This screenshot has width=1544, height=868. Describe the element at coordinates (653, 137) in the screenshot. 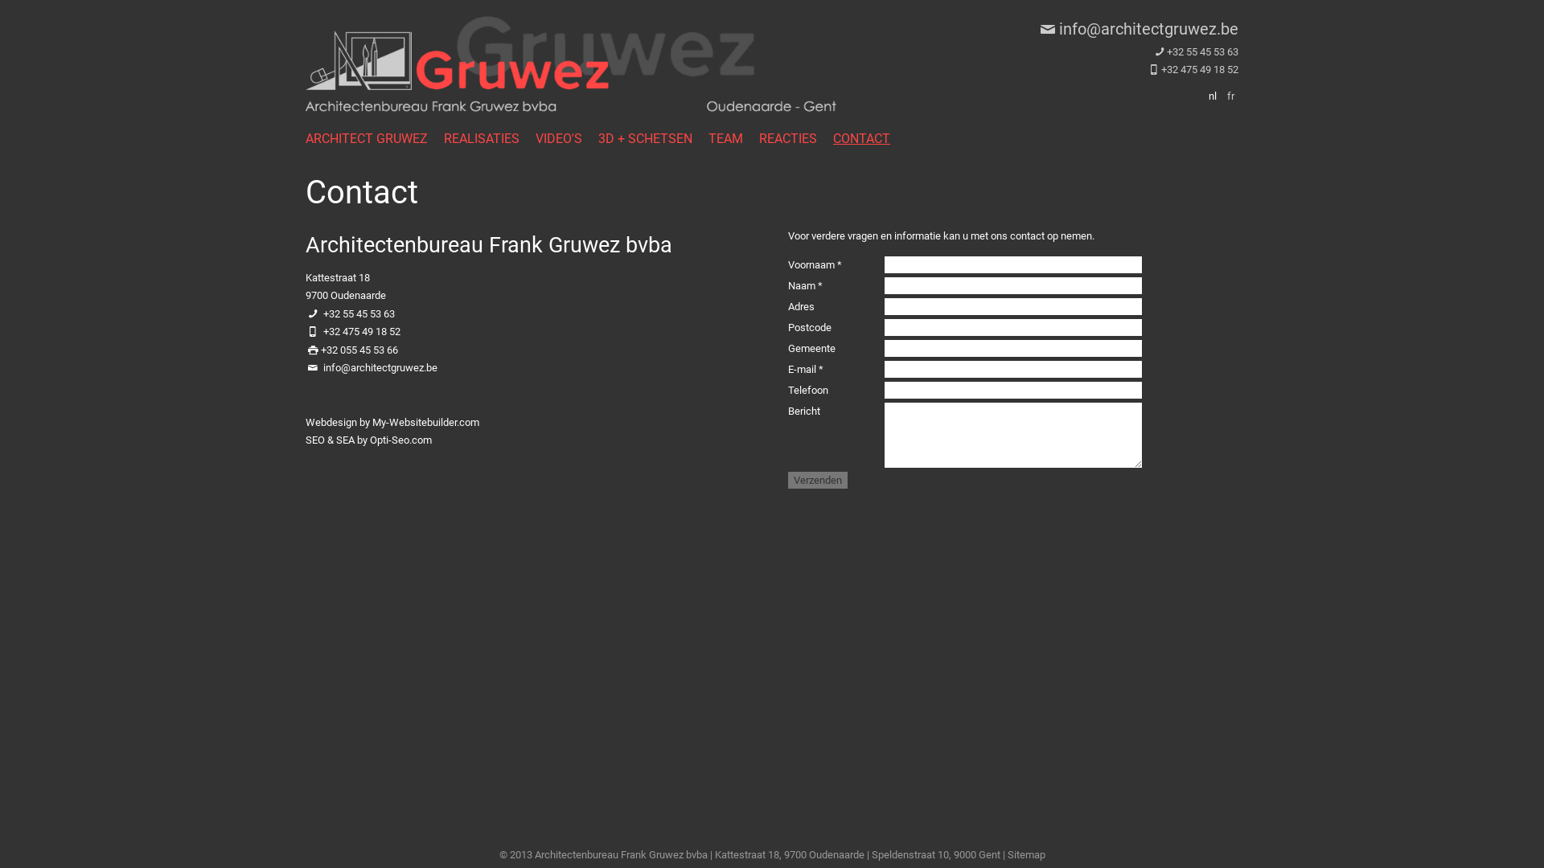

I see `'3D + SCHETSEN'` at that location.